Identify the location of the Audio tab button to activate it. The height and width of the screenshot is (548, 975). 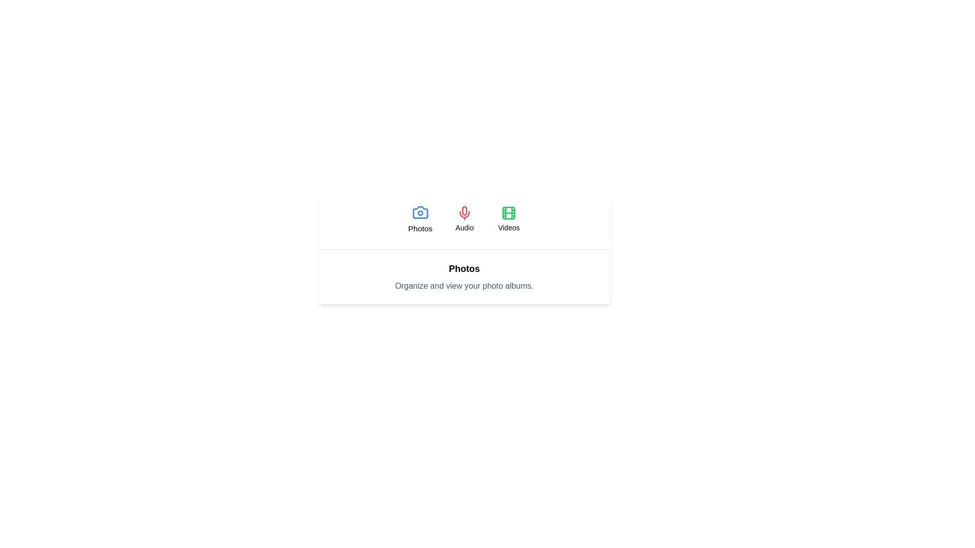
(464, 219).